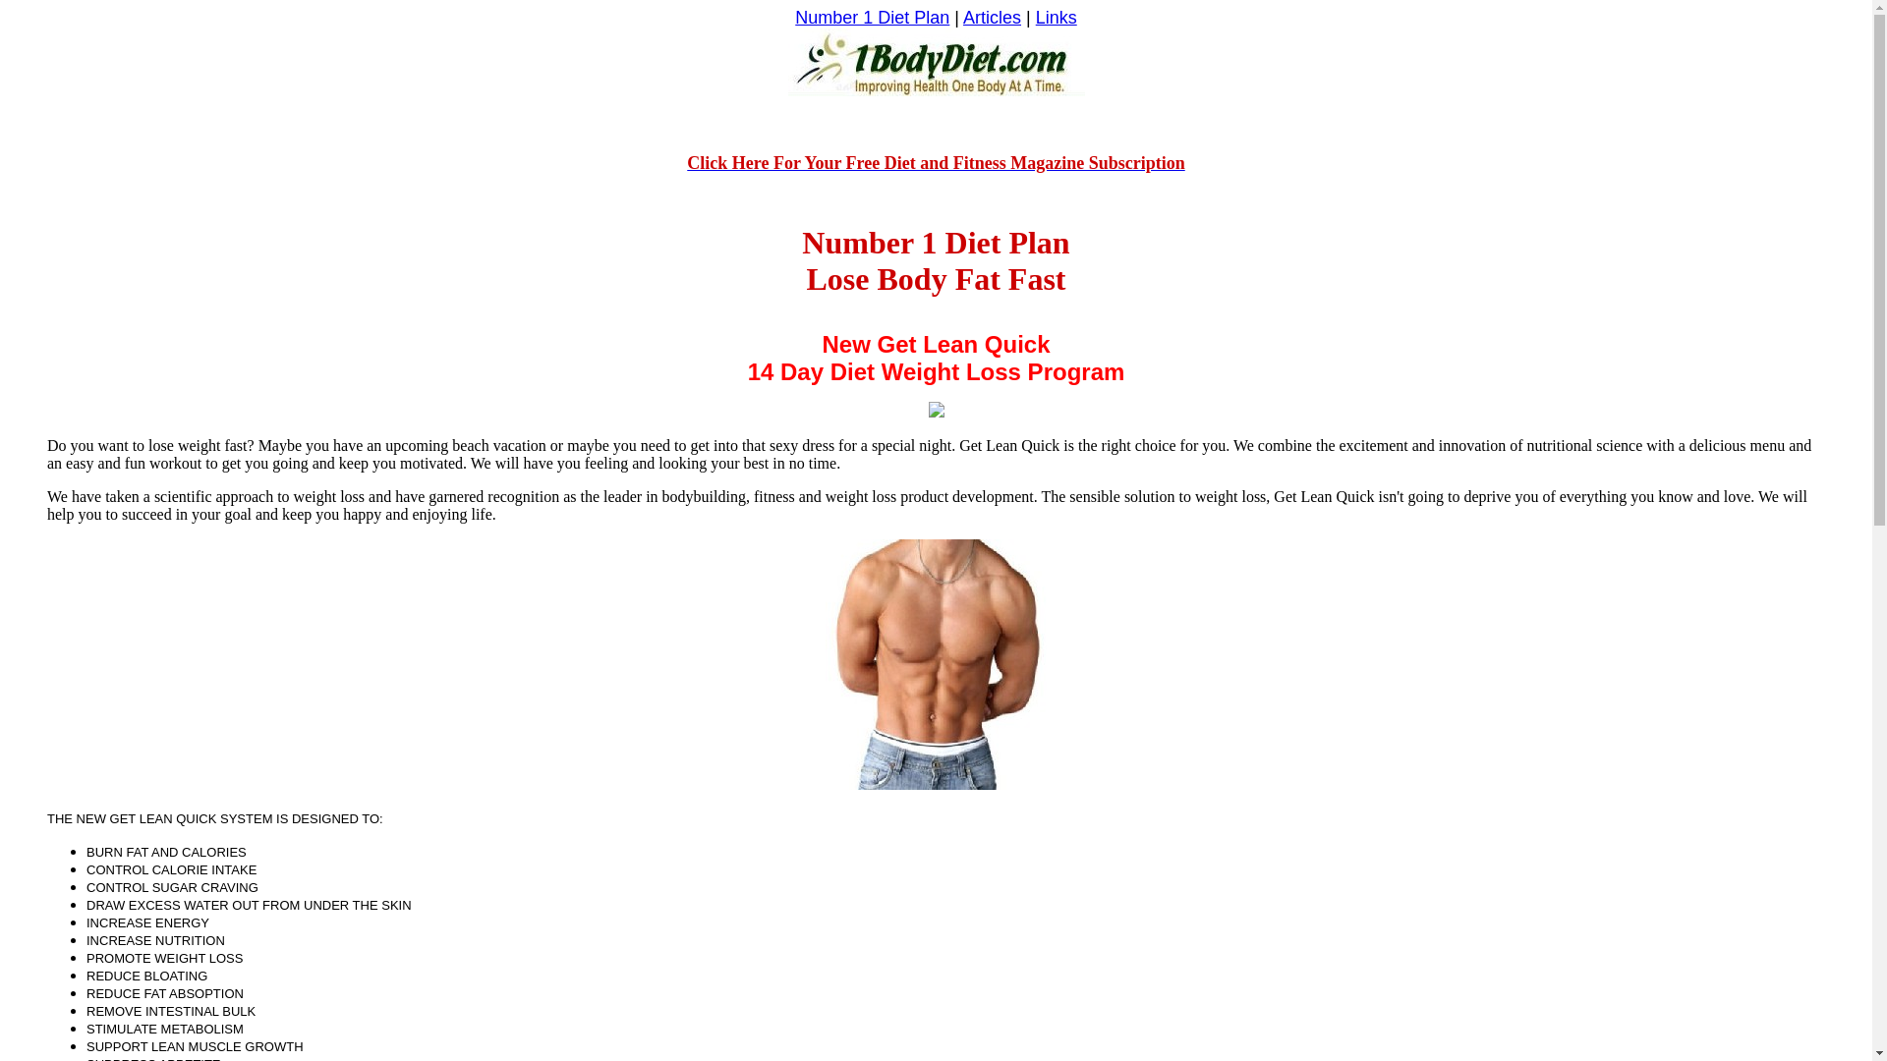 The width and height of the screenshot is (1887, 1061). I want to click on 'Number 1 Diet Plan', so click(871, 18).